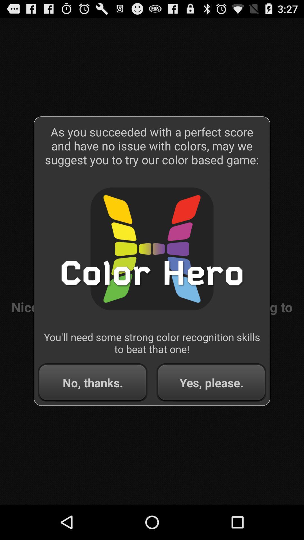 The height and width of the screenshot is (540, 304). Describe the element at coordinates (211, 382) in the screenshot. I see `yes, please.` at that location.